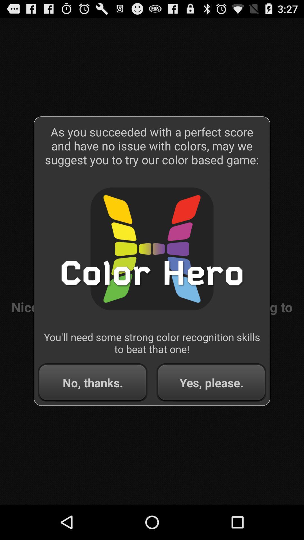 The height and width of the screenshot is (540, 304). Describe the element at coordinates (211, 382) in the screenshot. I see `yes, please.` at that location.